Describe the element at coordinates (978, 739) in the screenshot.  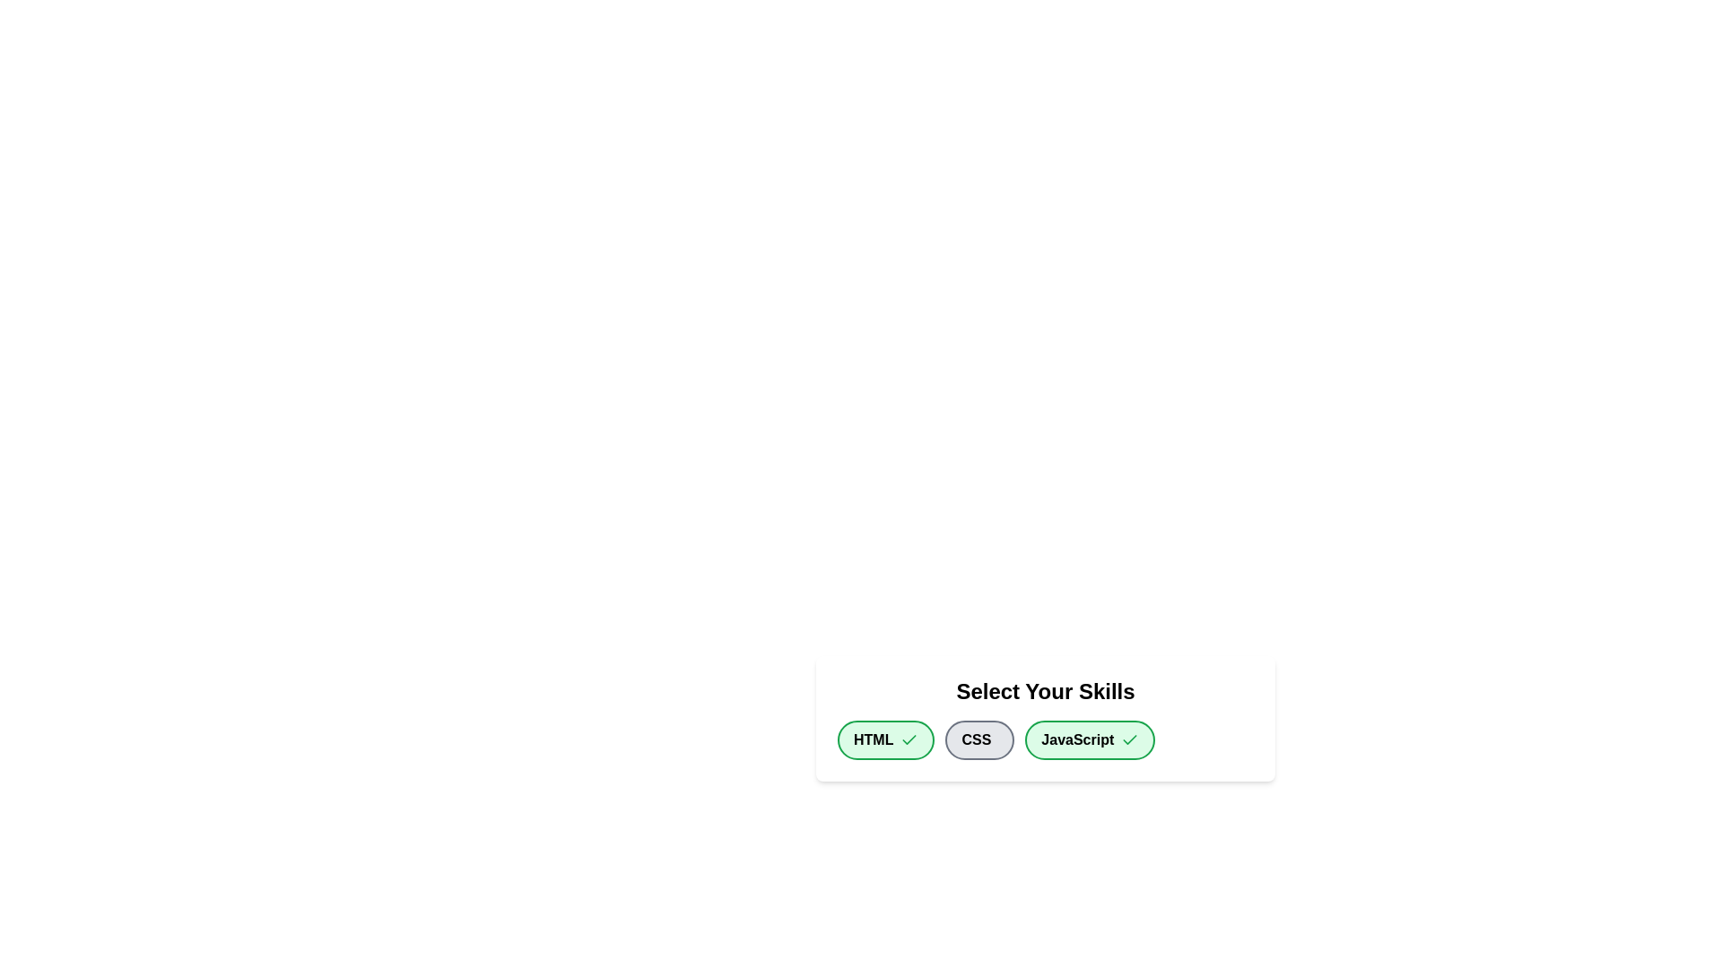
I see `the chip labeled CSS` at that location.